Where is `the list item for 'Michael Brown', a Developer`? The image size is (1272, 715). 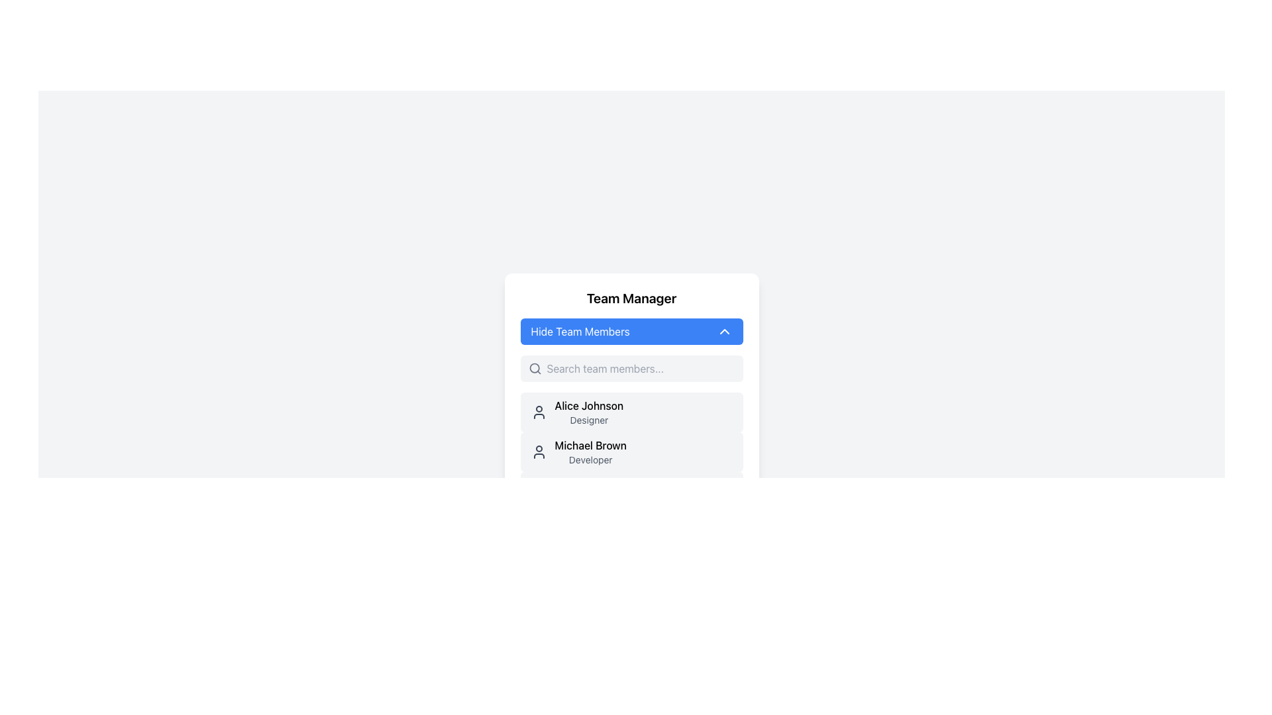
the list item for 'Michael Brown', a Developer is located at coordinates (631, 471).